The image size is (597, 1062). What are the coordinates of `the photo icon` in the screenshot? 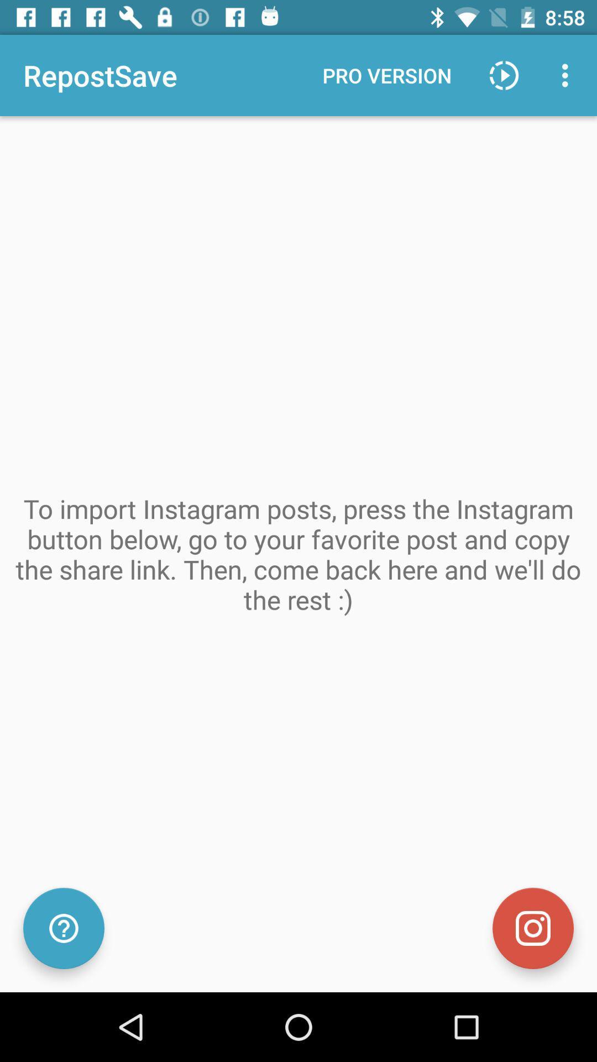 It's located at (532, 928).